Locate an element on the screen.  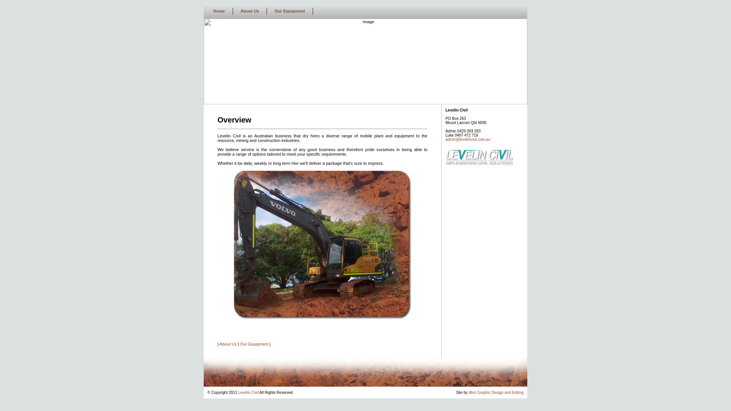
'Our Equipment' is located at coordinates (254, 344).